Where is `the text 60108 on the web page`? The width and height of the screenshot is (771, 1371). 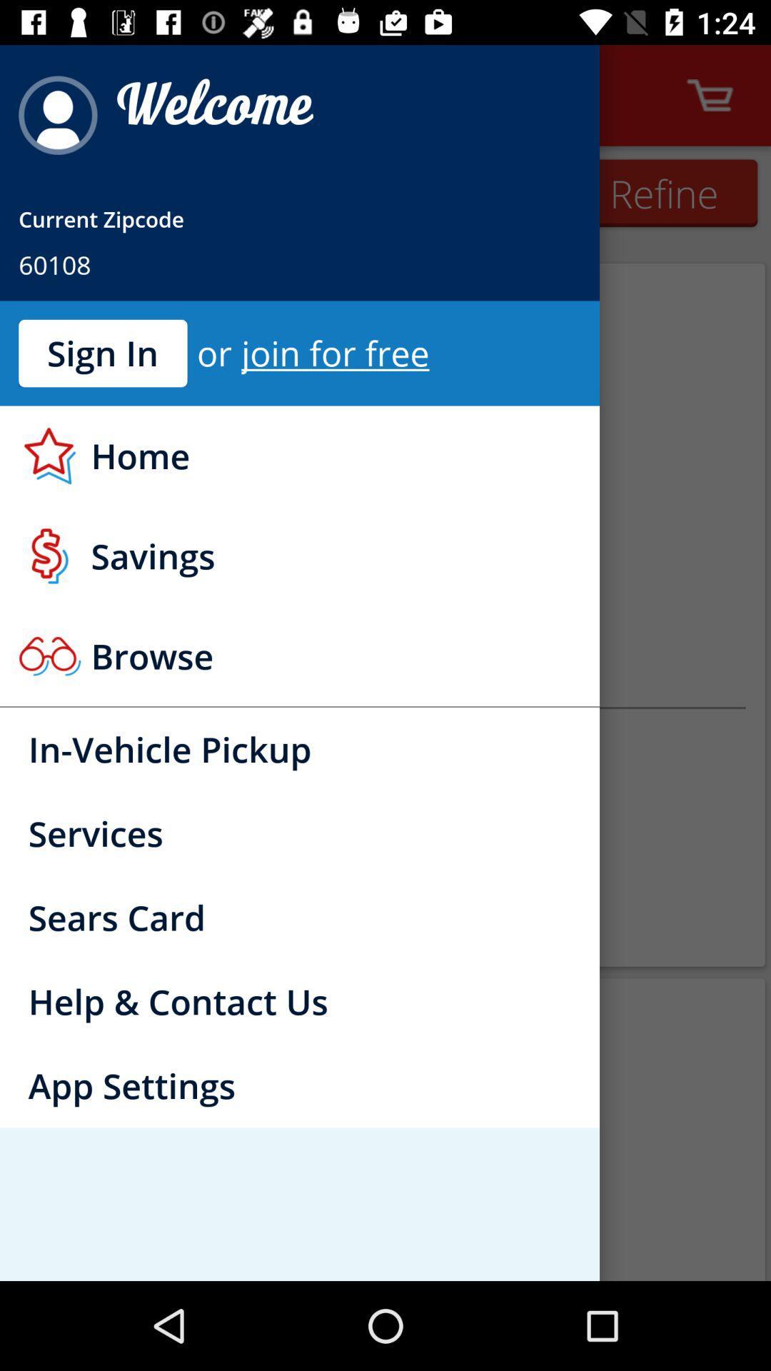 the text 60108 on the web page is located at coordinates (54, 264).